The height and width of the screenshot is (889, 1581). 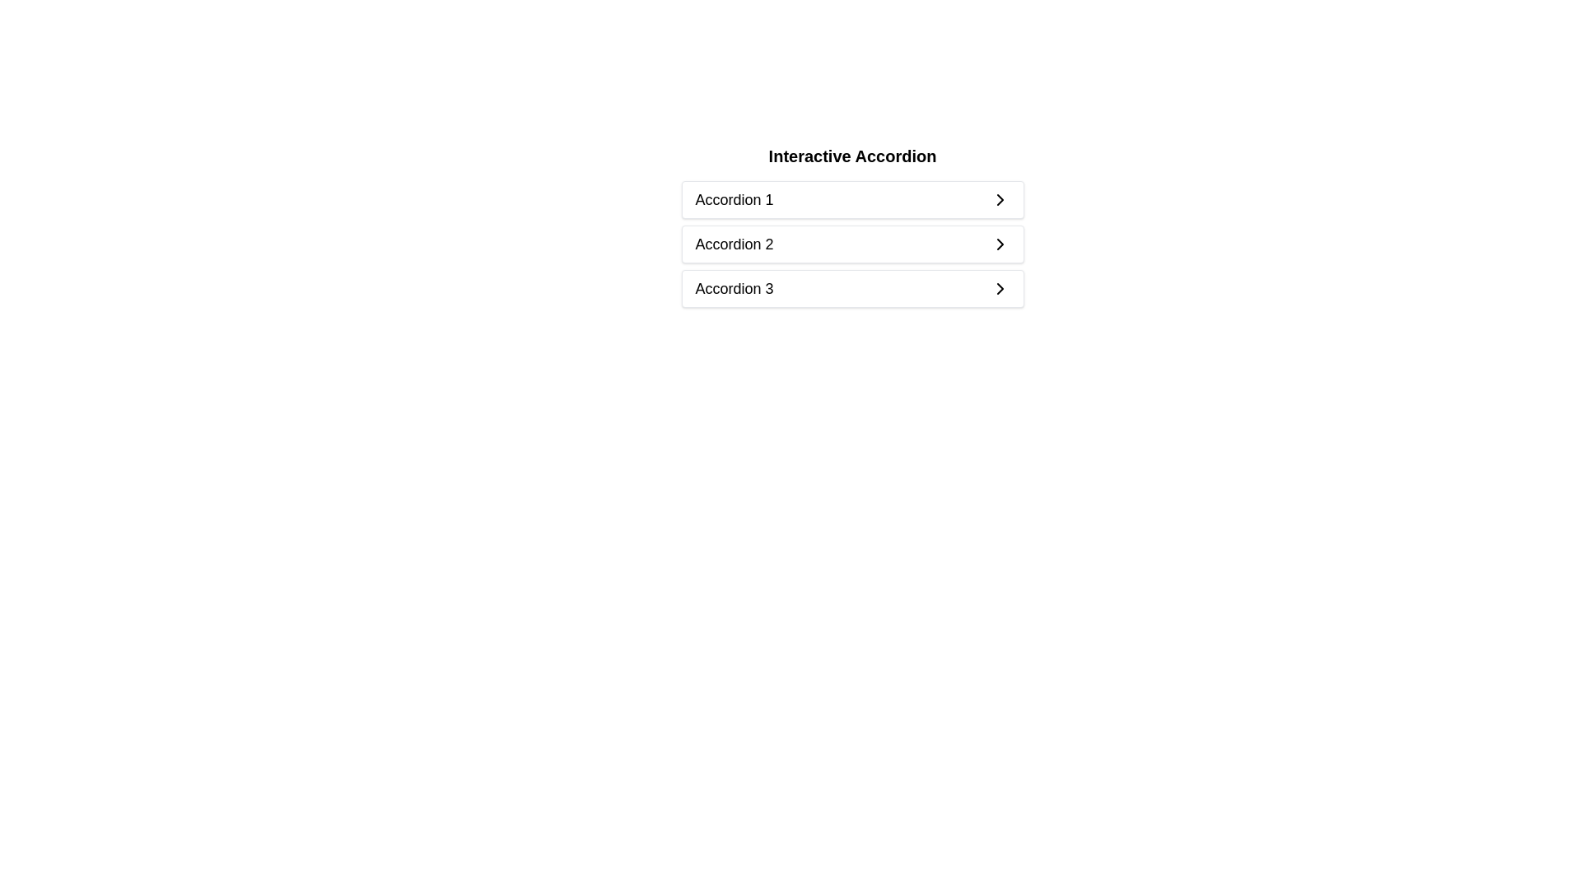 What do you see at coordinates (999, 244) in the screenshot?
I see `the chevron arrow located on the far right side of the button for 'Accordion 2'` at bounding box center [999, 244].